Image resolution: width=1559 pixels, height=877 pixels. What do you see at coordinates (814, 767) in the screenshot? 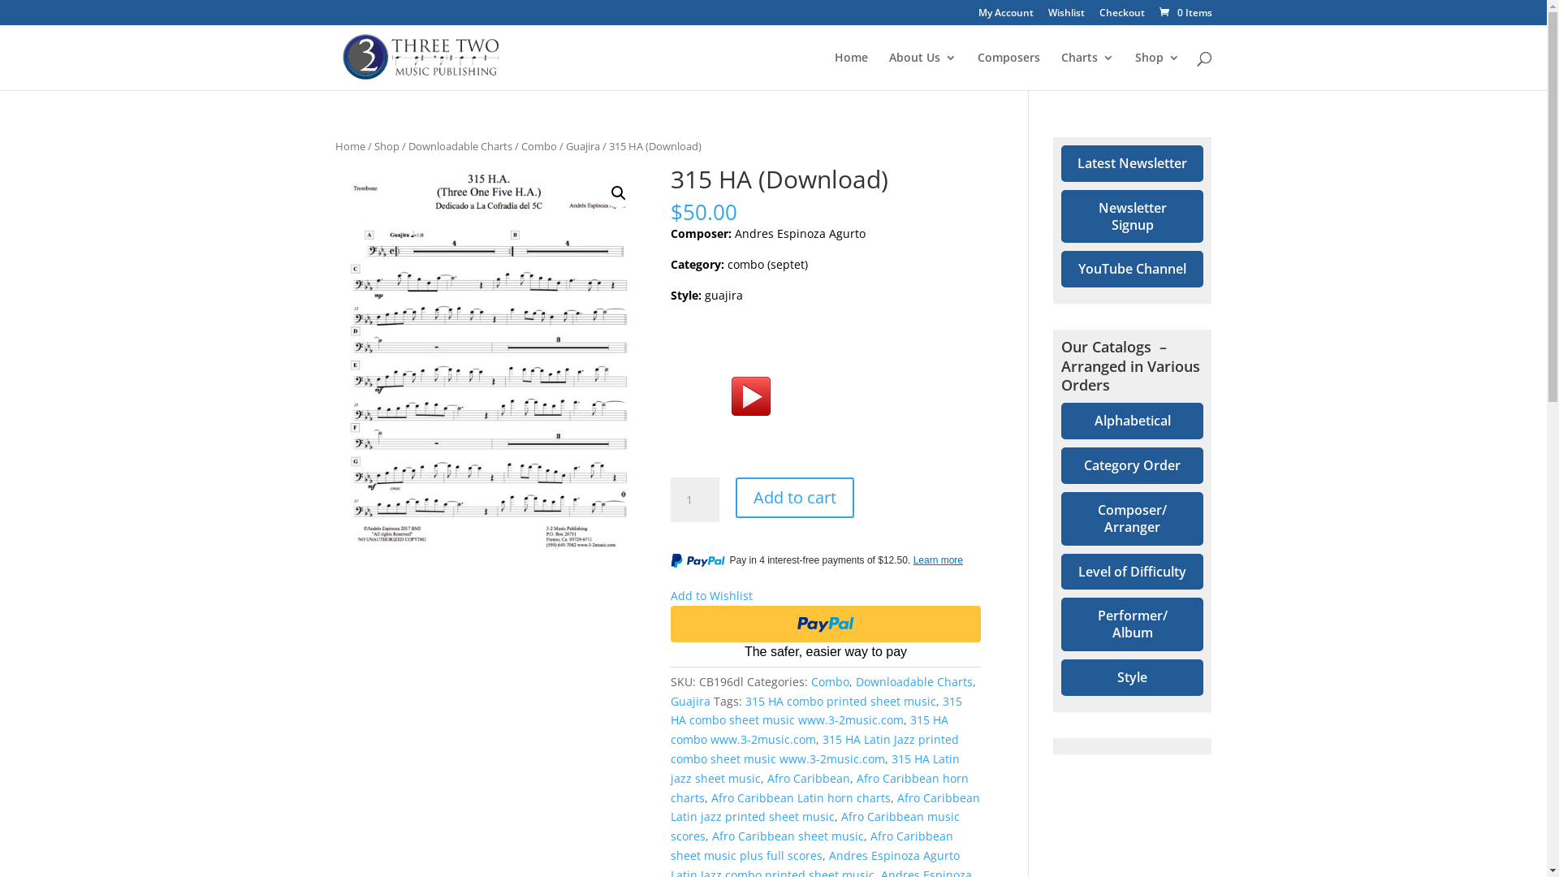
I see `'315 HA Latin jazz sheet music'` at bounding box center [814, 767].